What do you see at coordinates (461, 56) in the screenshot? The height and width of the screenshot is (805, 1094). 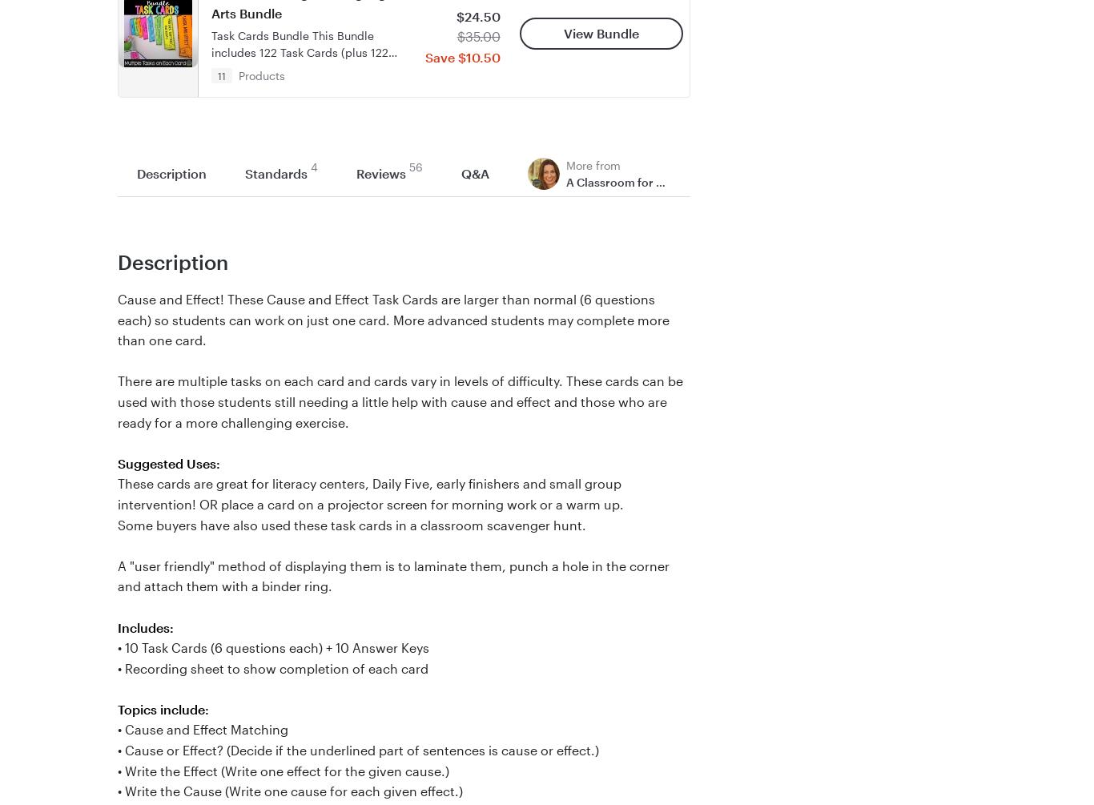 I see `'Save $10.50'` at bounding box center [461, 56].